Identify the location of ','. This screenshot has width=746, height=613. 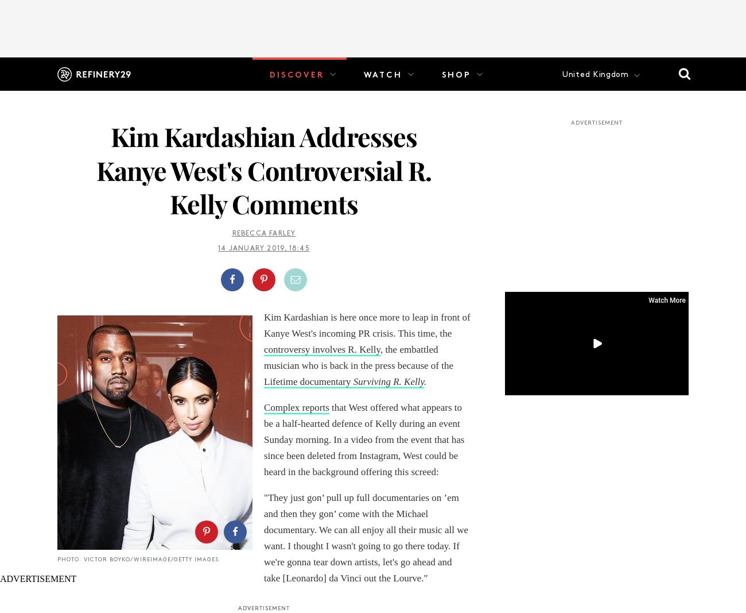
(284, 248).